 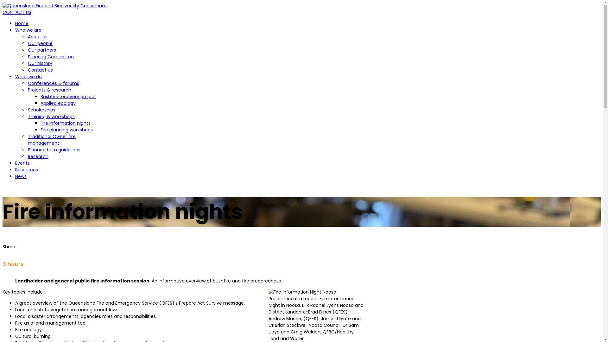 I want to click on 'Conferences & forums', so click(x=53, y=83).